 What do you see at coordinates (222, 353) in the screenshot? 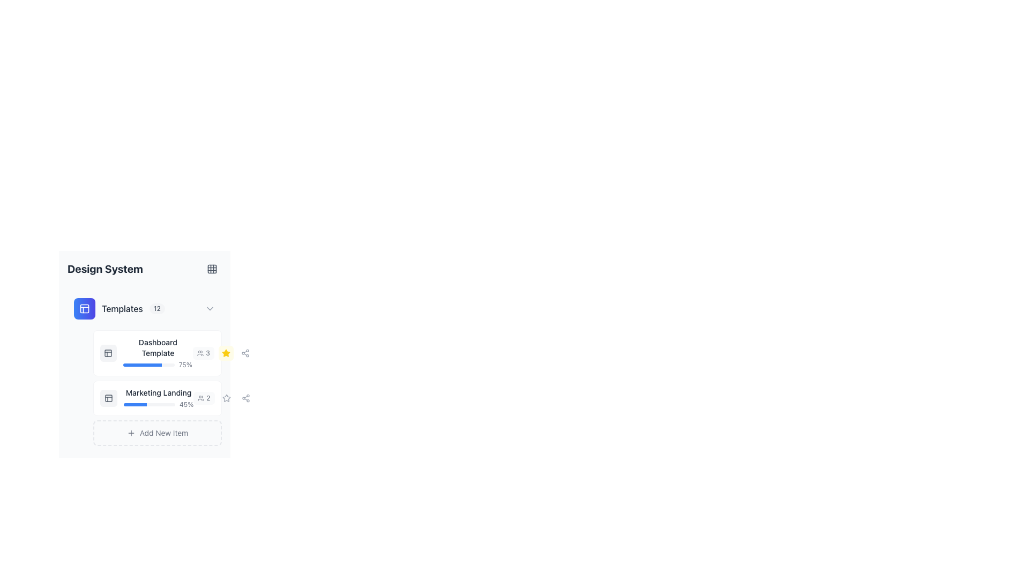
I see `the star icon located to the right of the 'Dashboard Template' label in the 'Design System' section for a tooltip` at bounding box center [222, 353].